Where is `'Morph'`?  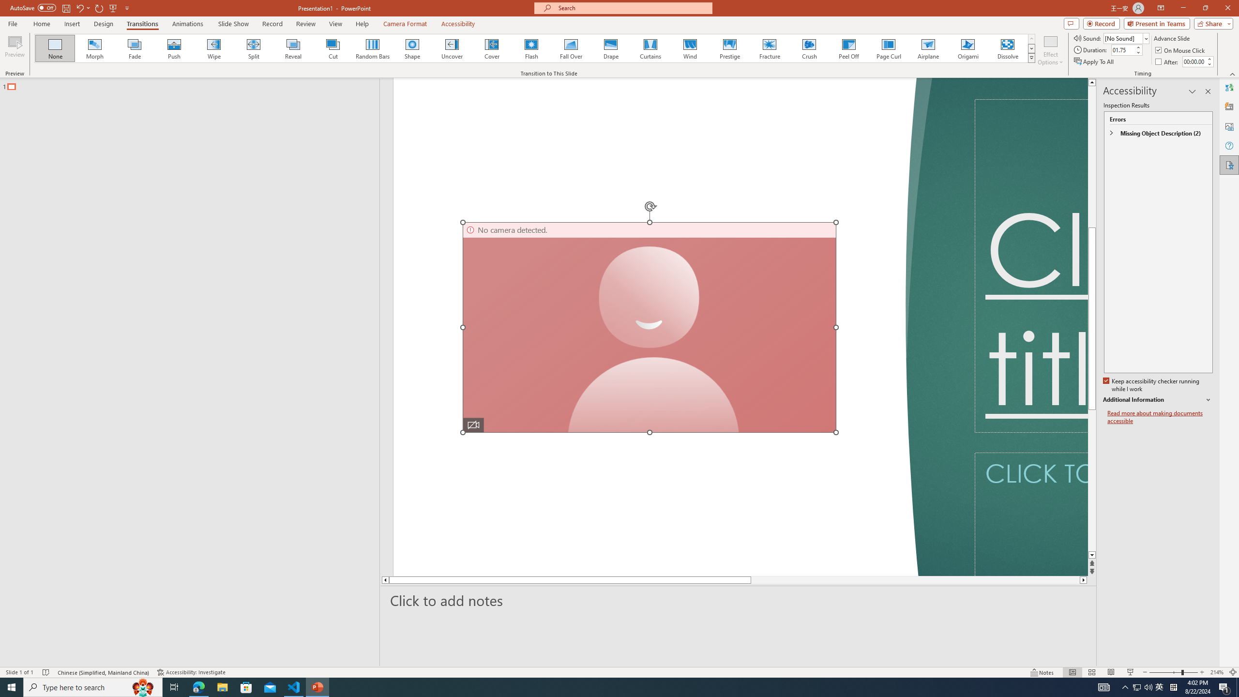
'Morph' is located at coordinates (95, 48).